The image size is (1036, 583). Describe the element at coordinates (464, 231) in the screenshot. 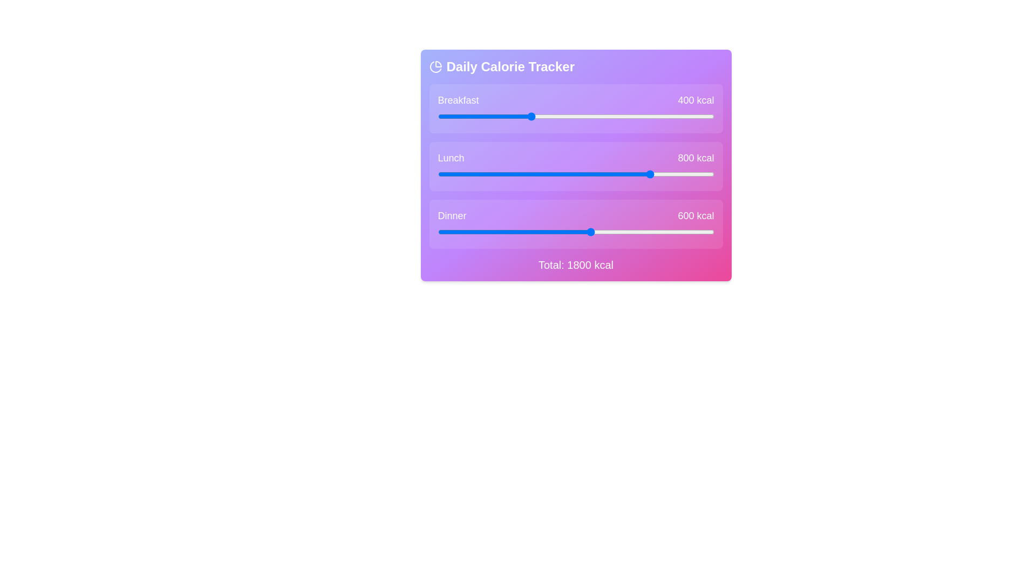

I see `the dinner calorie value` at that location.